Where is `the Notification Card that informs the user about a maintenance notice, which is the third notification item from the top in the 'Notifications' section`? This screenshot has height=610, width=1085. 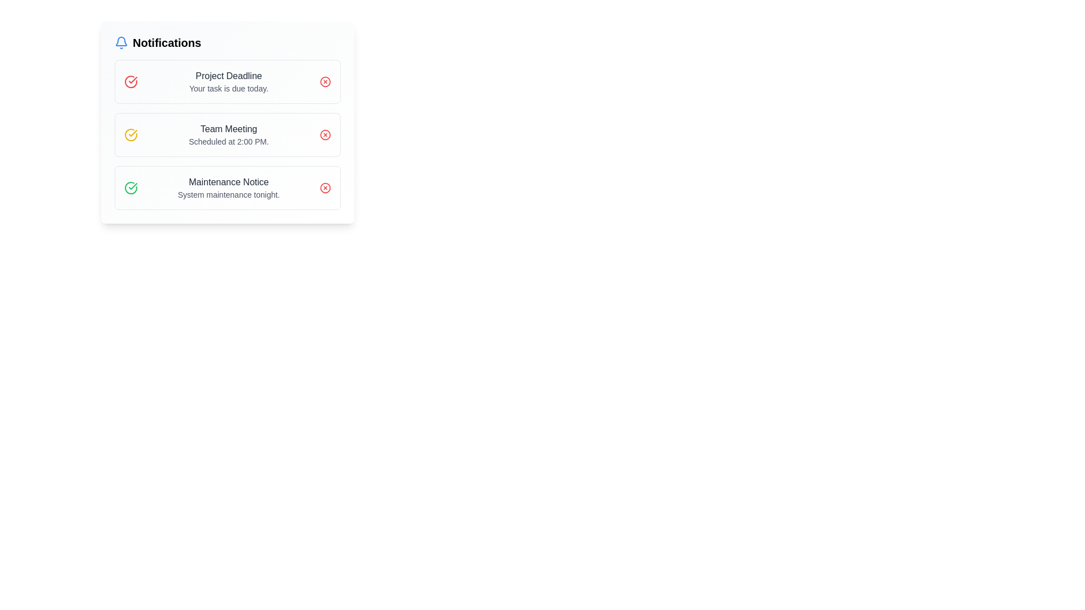 the Notification Card that informs the user about a maintenance notice, which is the third notification item from the top in the 'Notifications' section is located at coordinates (227, 187).